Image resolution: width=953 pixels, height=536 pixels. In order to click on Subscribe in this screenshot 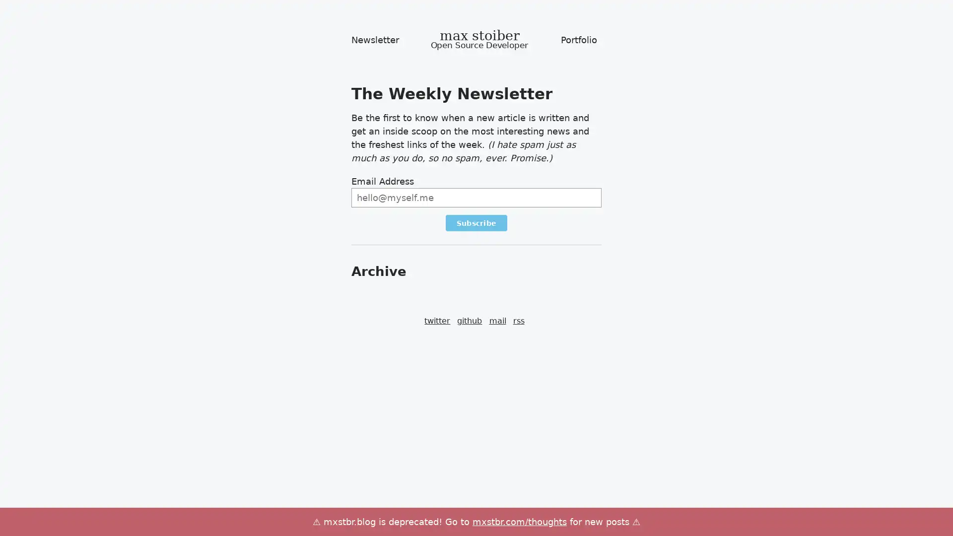, I will do `click(476, 222)`.